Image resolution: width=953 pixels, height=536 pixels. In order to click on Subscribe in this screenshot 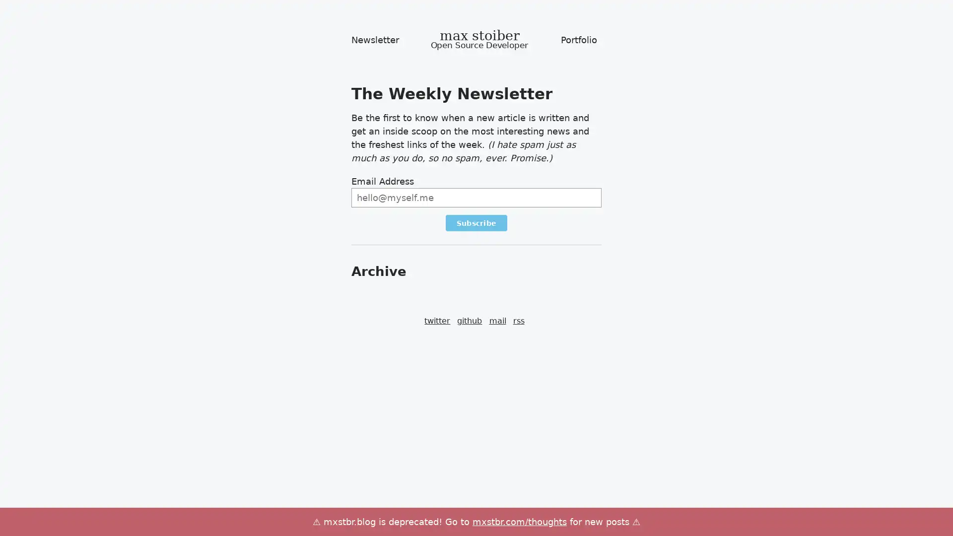, I will do `click(476, 222)`.